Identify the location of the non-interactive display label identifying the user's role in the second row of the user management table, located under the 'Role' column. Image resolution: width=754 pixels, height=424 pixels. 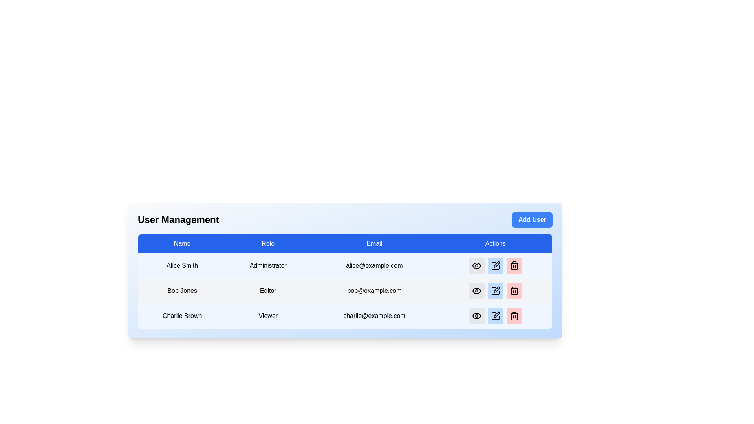
(268, 291).